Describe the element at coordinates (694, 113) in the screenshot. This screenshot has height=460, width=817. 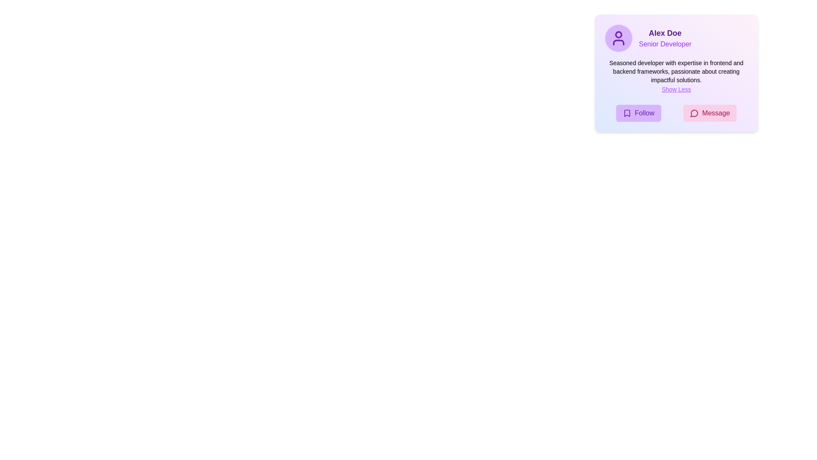
I see `the 'Message' icon located in the top-right section of the layout, which enhances the recognizability of the messaging function` at that location.